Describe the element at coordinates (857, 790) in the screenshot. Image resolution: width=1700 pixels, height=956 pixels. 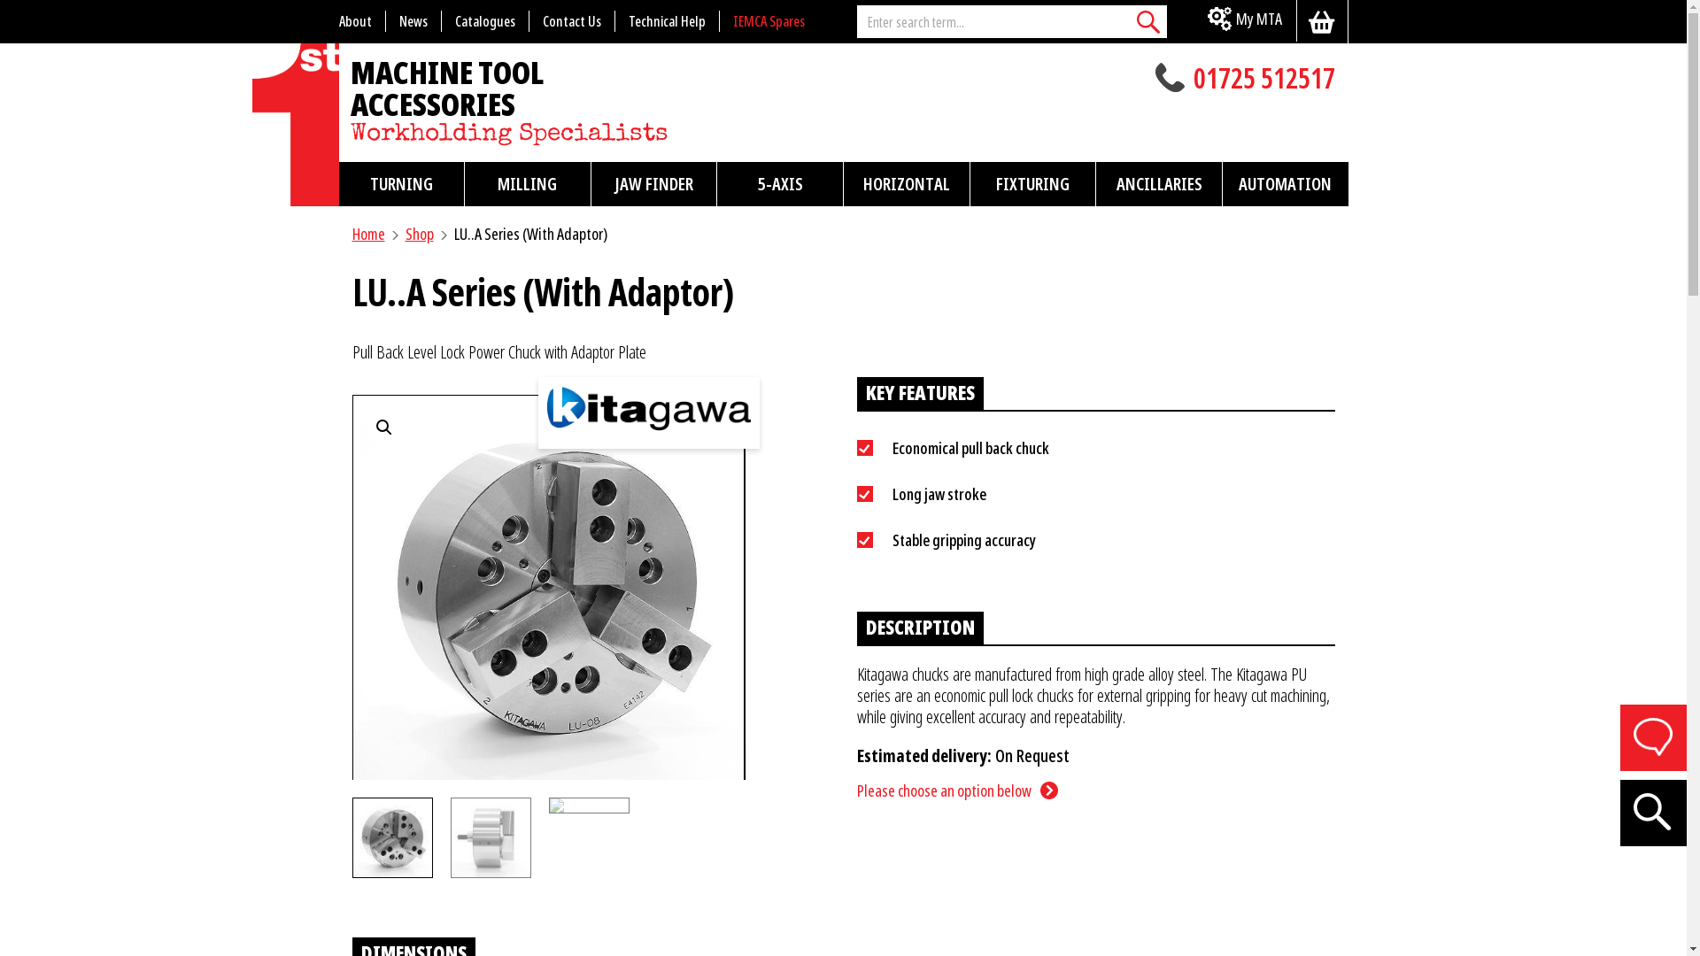
I see `'Please choose an option below'` at that location.